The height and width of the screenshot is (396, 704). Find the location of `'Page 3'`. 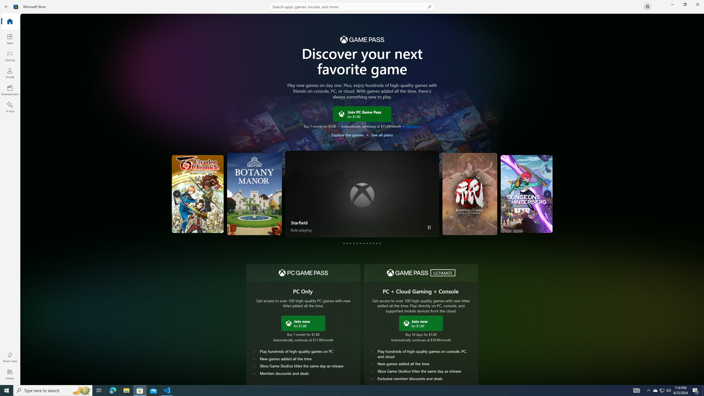

'Page 3' is located at coordinates (350, 243).